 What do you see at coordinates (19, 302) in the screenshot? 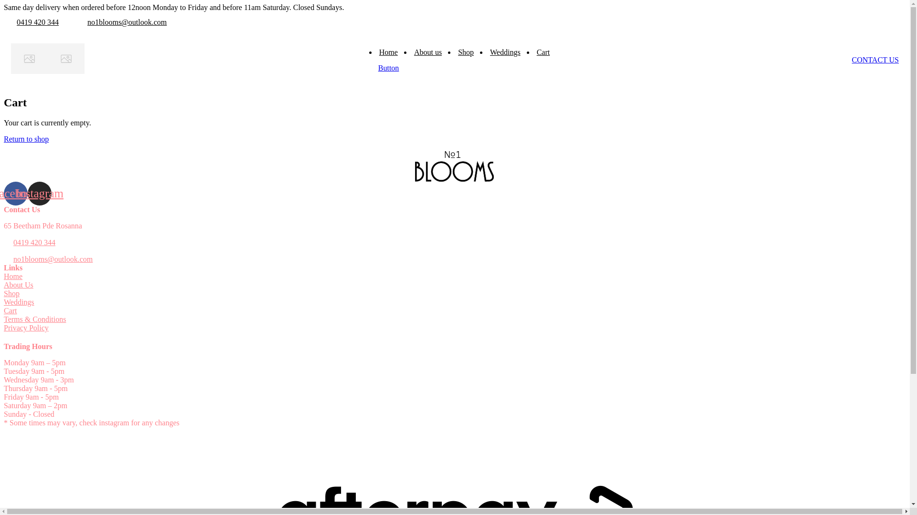
I see `'Weddings'` at bounding box center [19, 302].